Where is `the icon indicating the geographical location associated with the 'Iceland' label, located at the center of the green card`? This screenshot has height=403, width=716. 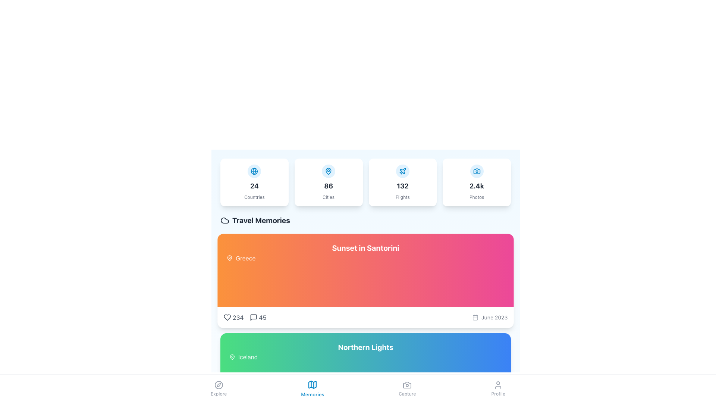 the icon indicating the geographical location associated with the 'Iceland' label, located at the center of the green card is located at coordinates (232, 356).